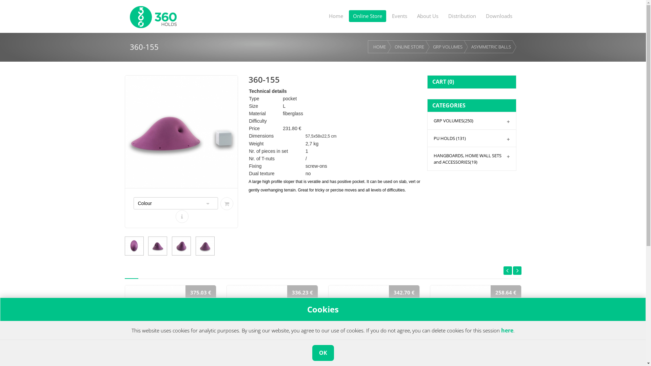 This screenshot has height=366, width=651. I want to click on 'here', so click(507, 330).